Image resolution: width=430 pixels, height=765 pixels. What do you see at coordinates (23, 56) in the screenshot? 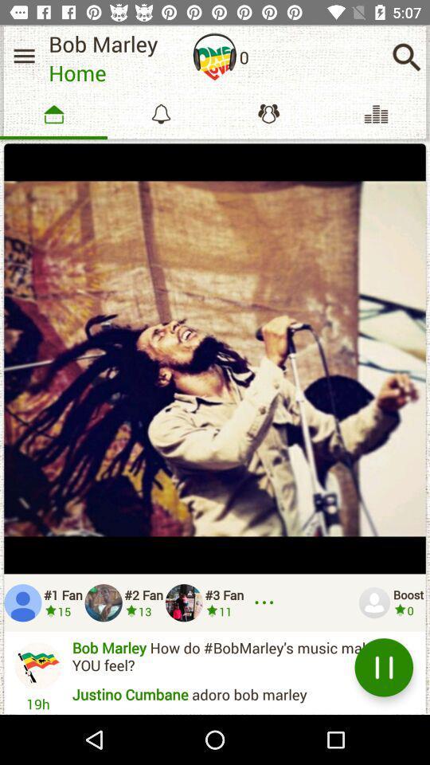
I see `home menu option` at bounding box center [23, 56].